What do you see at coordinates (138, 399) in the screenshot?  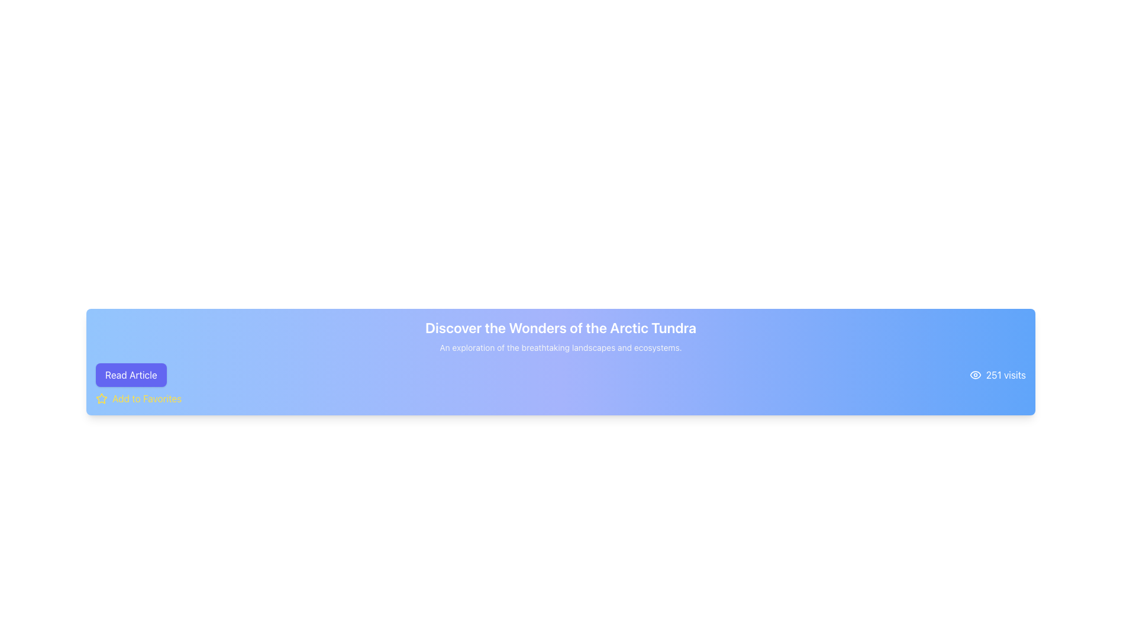 I see `the 'Add to Favorites' button, which features a yellow star icon and bold yellow text, located at the bottom-left corner of the card directly below the 'Read Article' button` at bounding box center [138, 399].